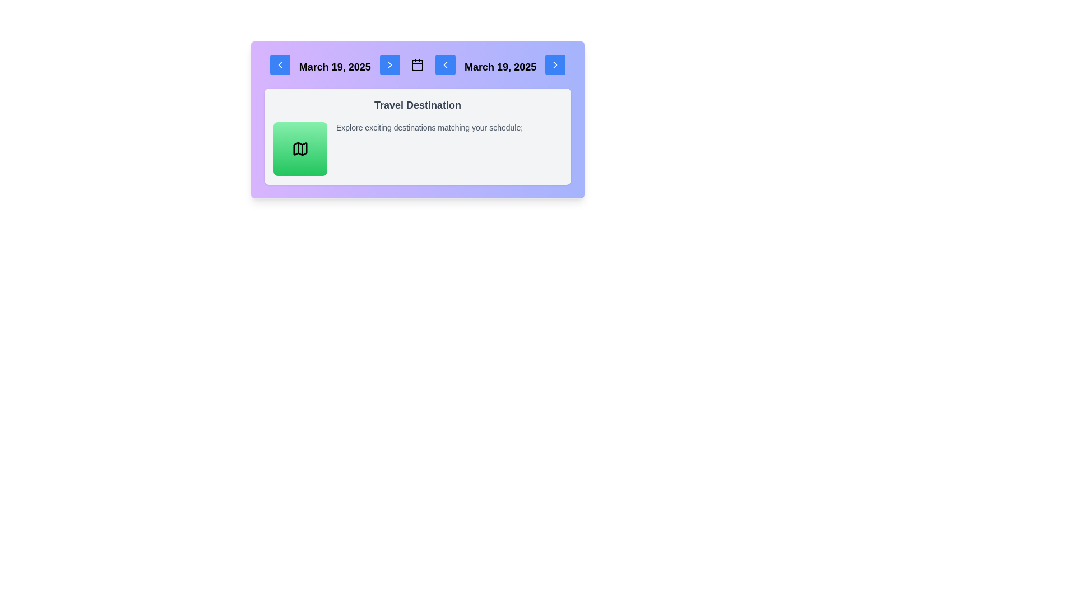 The height and width of the screenshot is (605, 1076). I want to click on the navigation button located to the left of the date text 'March 19, 2025', so click(280, 64).